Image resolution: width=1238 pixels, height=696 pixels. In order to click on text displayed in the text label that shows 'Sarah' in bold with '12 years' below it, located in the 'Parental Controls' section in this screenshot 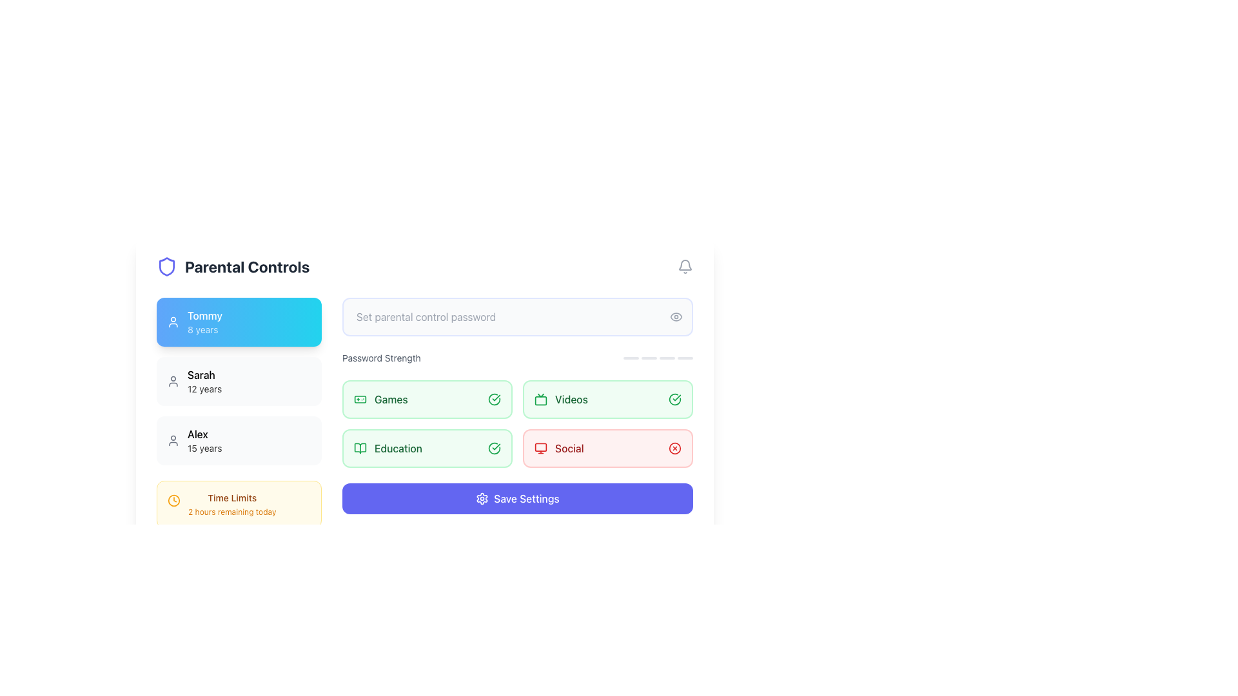, I will do `click(204, 380)`.